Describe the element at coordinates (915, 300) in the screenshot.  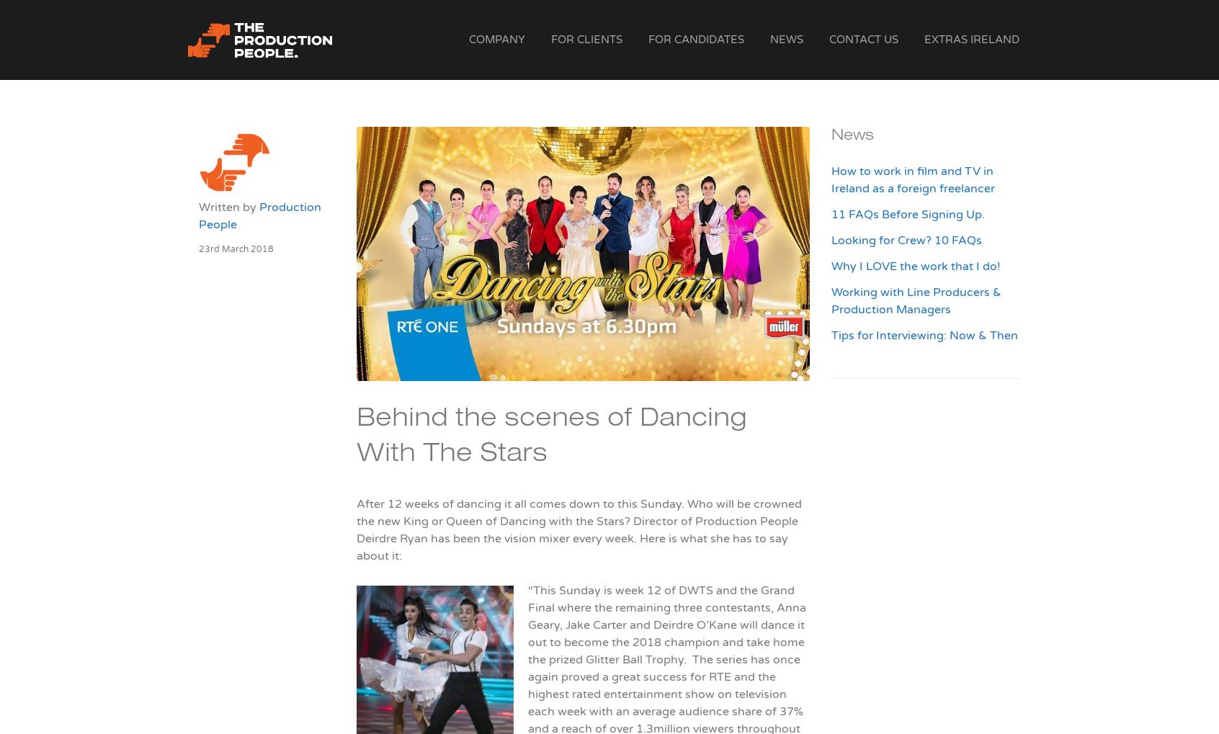
I see `'Working with Line Producers & Production Managers'` at that location.